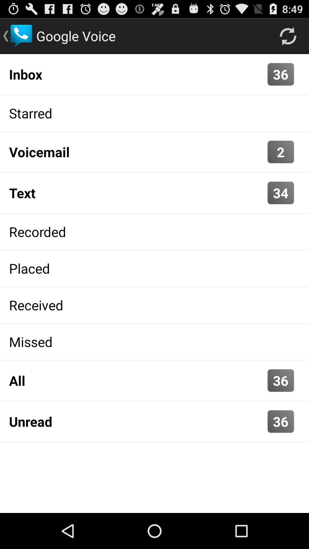 The width and height of the screenshot is (309, 549). Describe the element at coordinates (137, 74) in the screenshot. I see `the app to the left of 36 icon` at that location.